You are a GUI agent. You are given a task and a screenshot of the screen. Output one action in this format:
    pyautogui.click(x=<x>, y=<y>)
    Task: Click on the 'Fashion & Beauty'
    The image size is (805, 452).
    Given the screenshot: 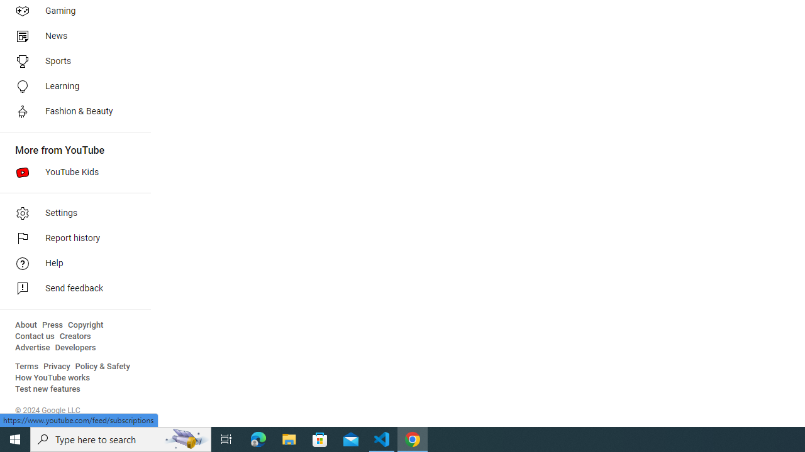 What is the action you would take?
    pyautogui.click(x=70, y=110)
    